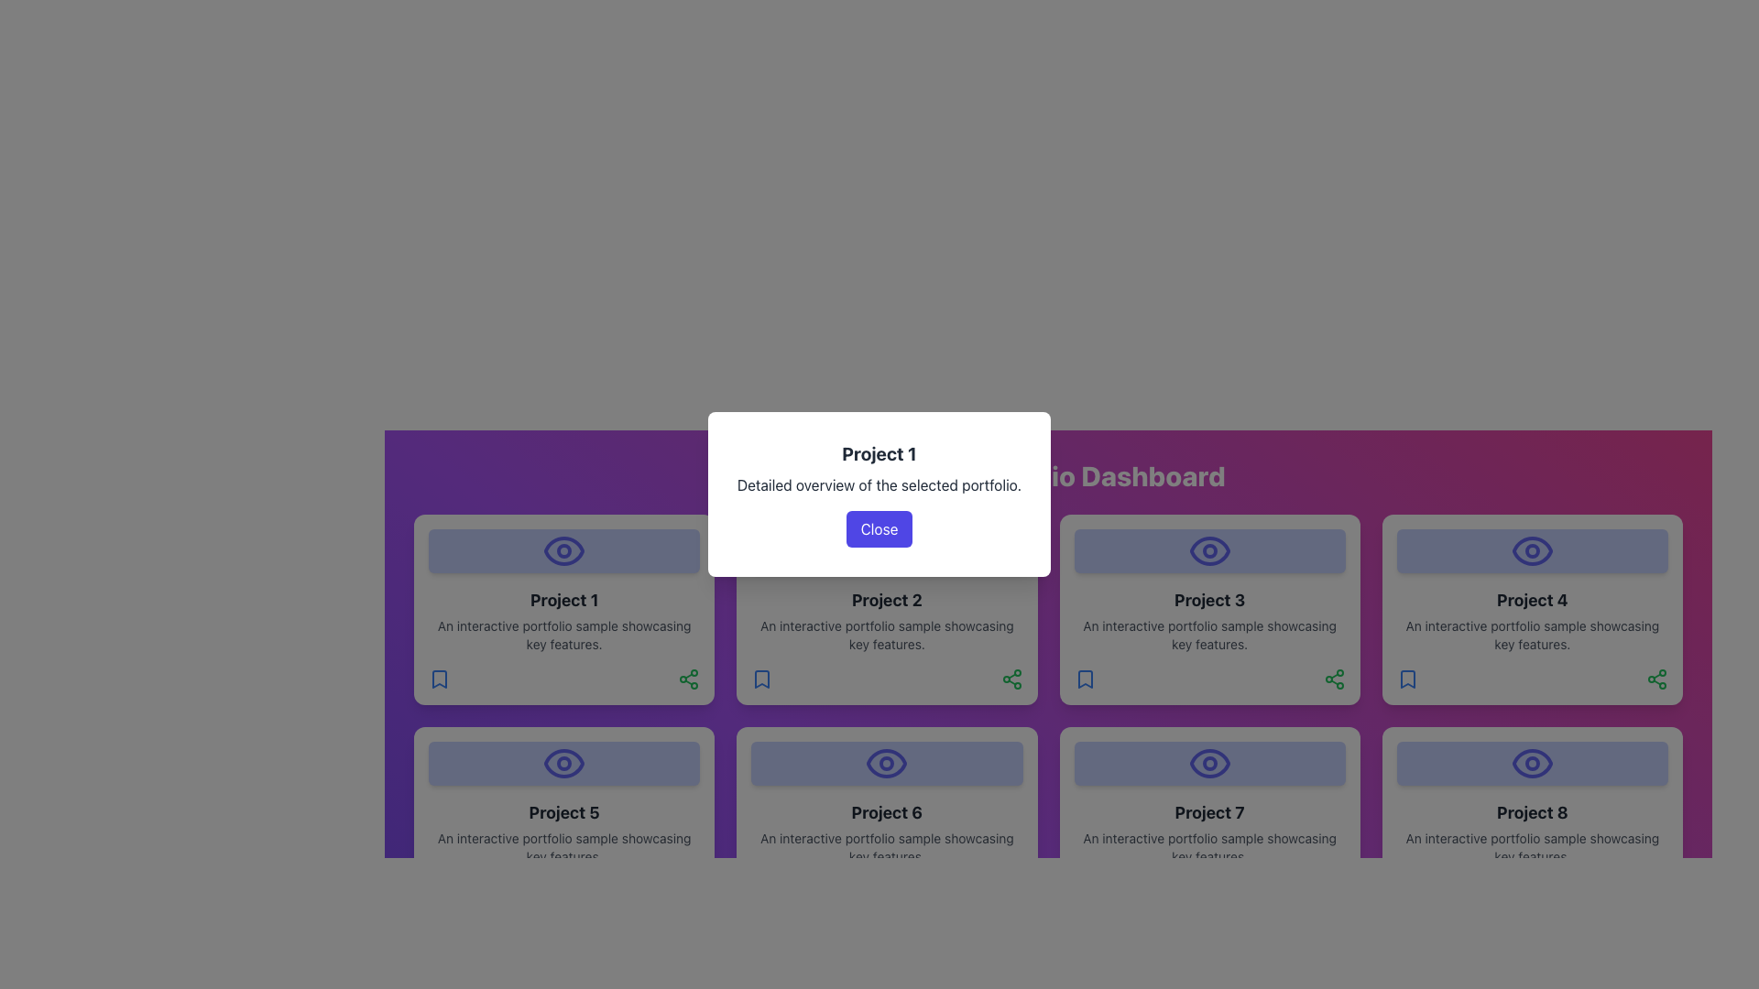  I want to click on the SVG circle that represents the pupil of the eye icon in the header of the 'Project 8' card located at the lower-right corner of the interface, so click(1532, 763).